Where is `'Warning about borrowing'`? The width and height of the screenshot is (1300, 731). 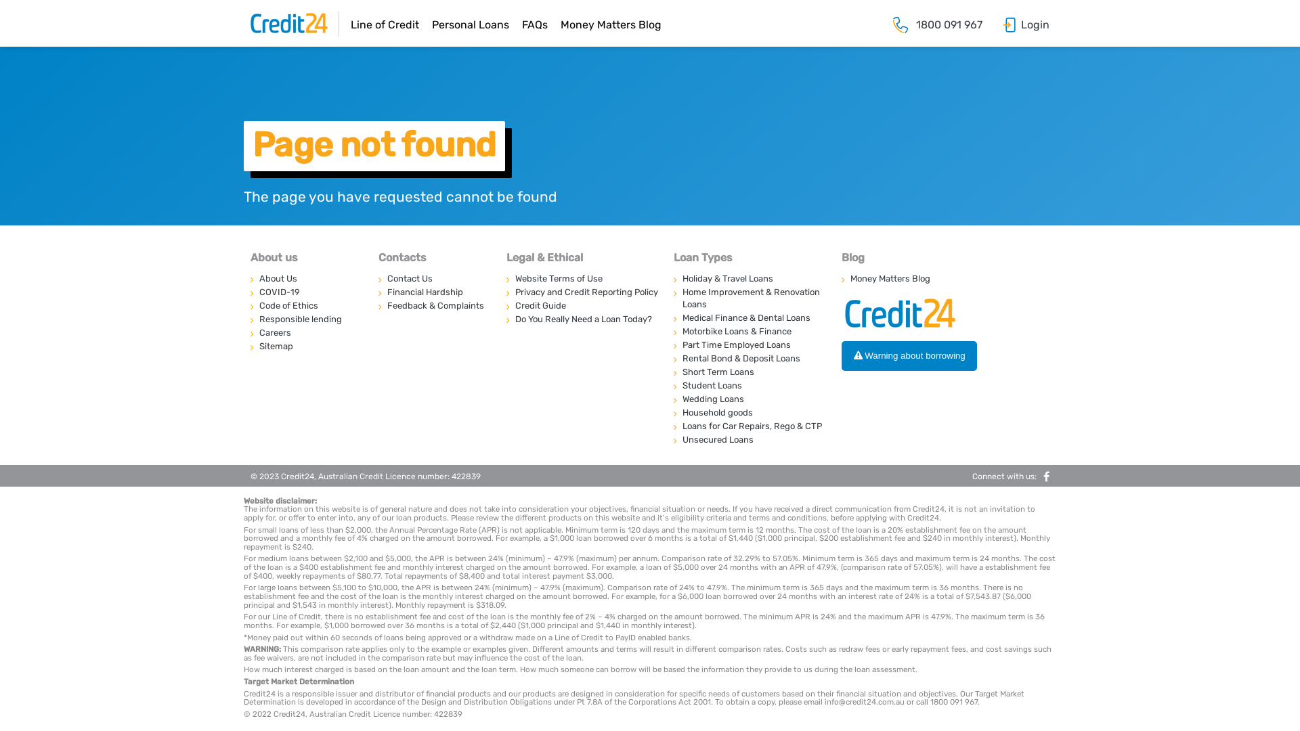 'Warning about borrowing' is located at coordinates (841, 355).